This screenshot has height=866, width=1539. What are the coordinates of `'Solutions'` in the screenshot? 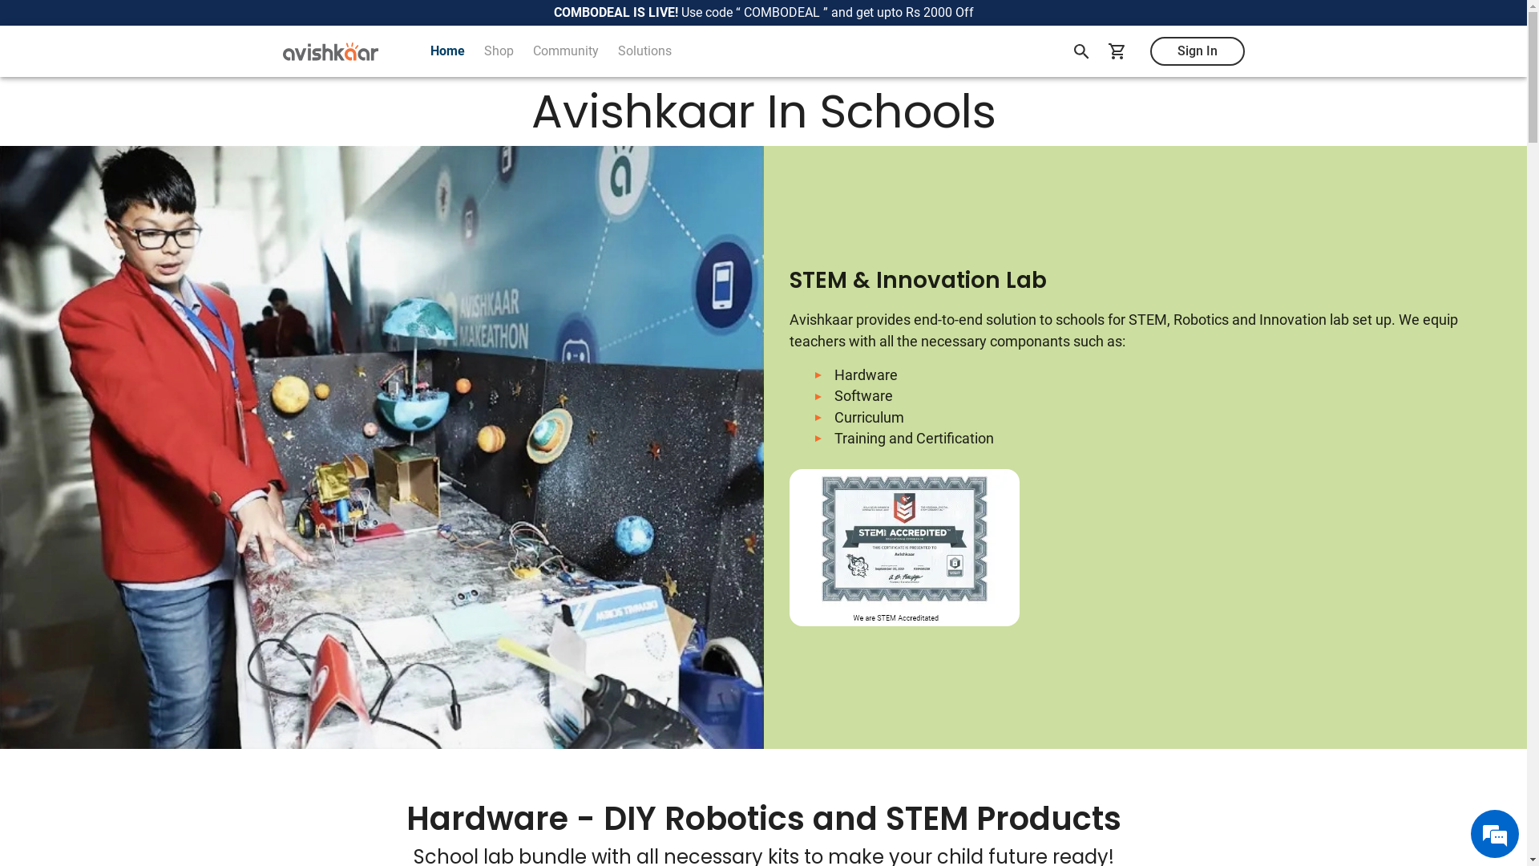 It's located at (644, 51).